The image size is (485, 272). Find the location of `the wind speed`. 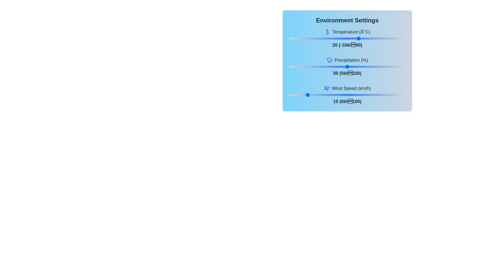

the wind speed is located at coordinates (388, 95).